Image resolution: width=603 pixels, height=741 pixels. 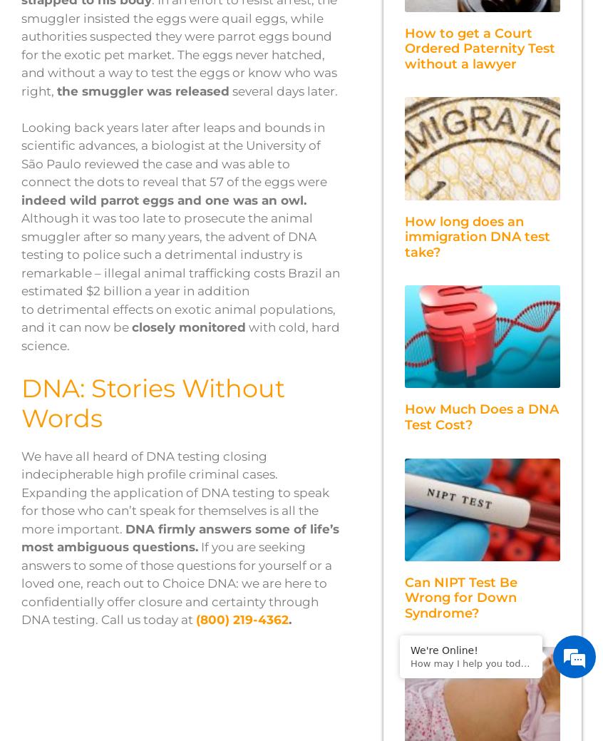 What do you see at coordinates (460, 596) in the screenshot?
I see `'Can NIPT Test Be Wrong for Down Syndrome?'` at bounding box center [460, 596].